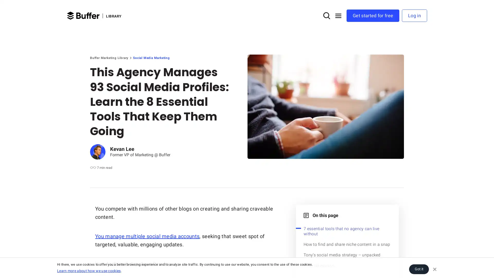 The height and width of the screenshot is (278, 494). I want to click on Get started for free, so click(373, 15).